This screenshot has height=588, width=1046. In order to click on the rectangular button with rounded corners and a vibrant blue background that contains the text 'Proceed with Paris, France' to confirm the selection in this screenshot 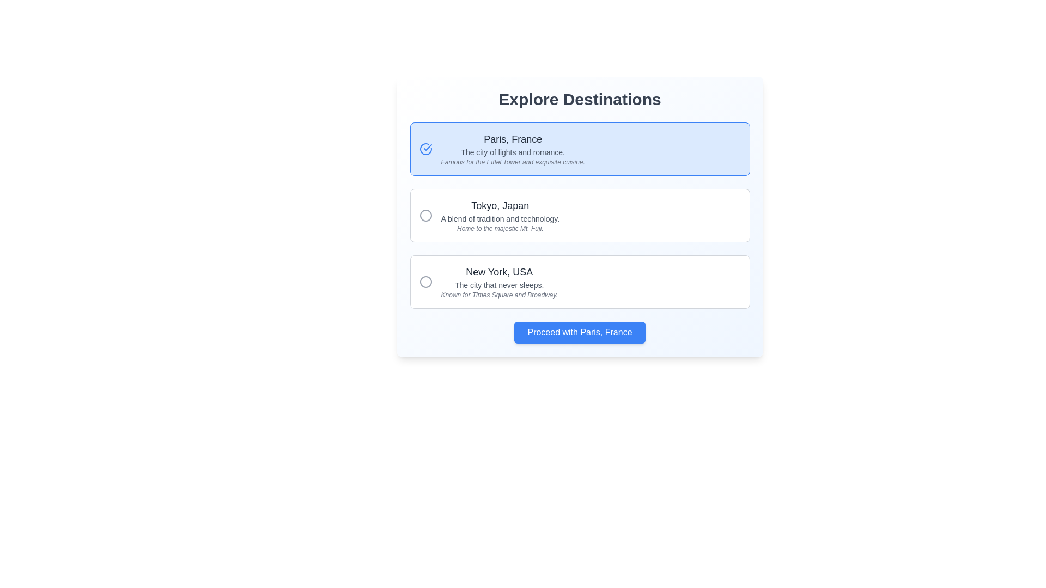, I will do `click(579, 332)`.